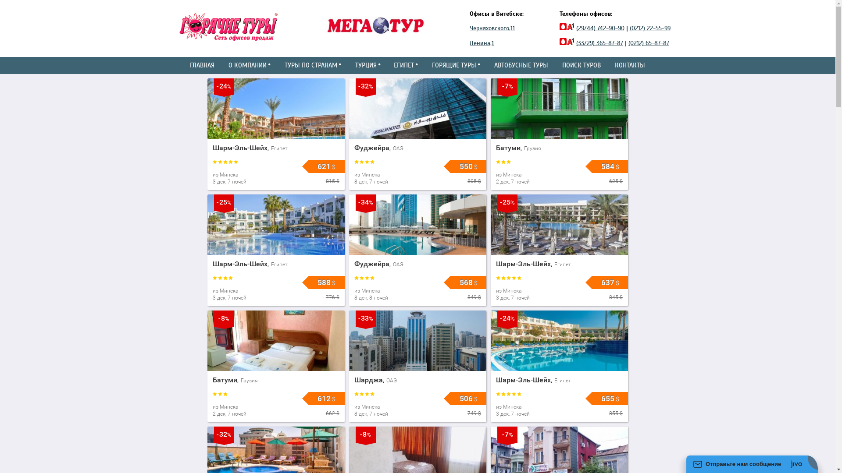  I want to click on '(0212) 65-87-87', so click(628, 43).